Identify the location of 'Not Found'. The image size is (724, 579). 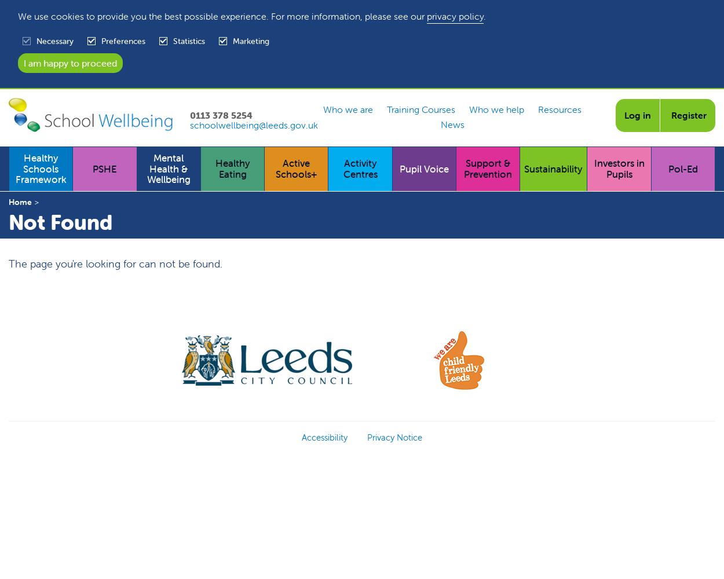
(9, 222).